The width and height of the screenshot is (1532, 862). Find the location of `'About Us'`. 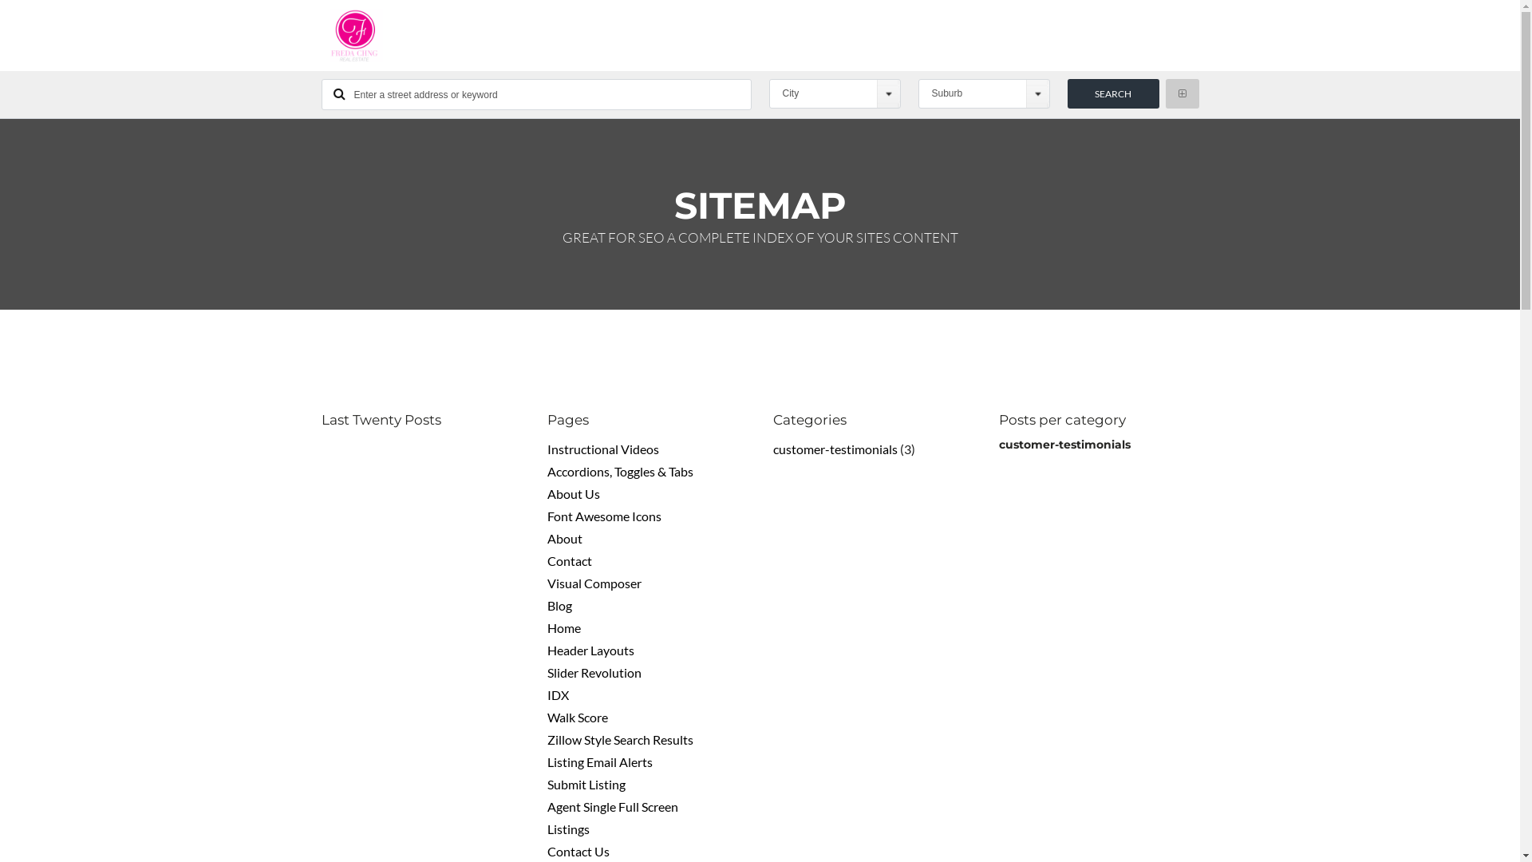

'About Us' is located at coordinates (574, 492).